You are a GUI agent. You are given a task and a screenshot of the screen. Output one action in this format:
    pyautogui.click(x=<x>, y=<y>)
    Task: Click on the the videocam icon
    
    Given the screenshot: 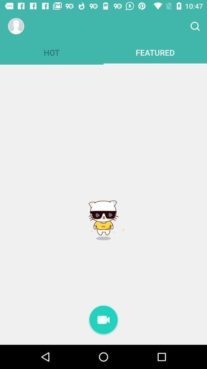 What is the action you would take?
    pyautogui.click(x=103, y=320)
    